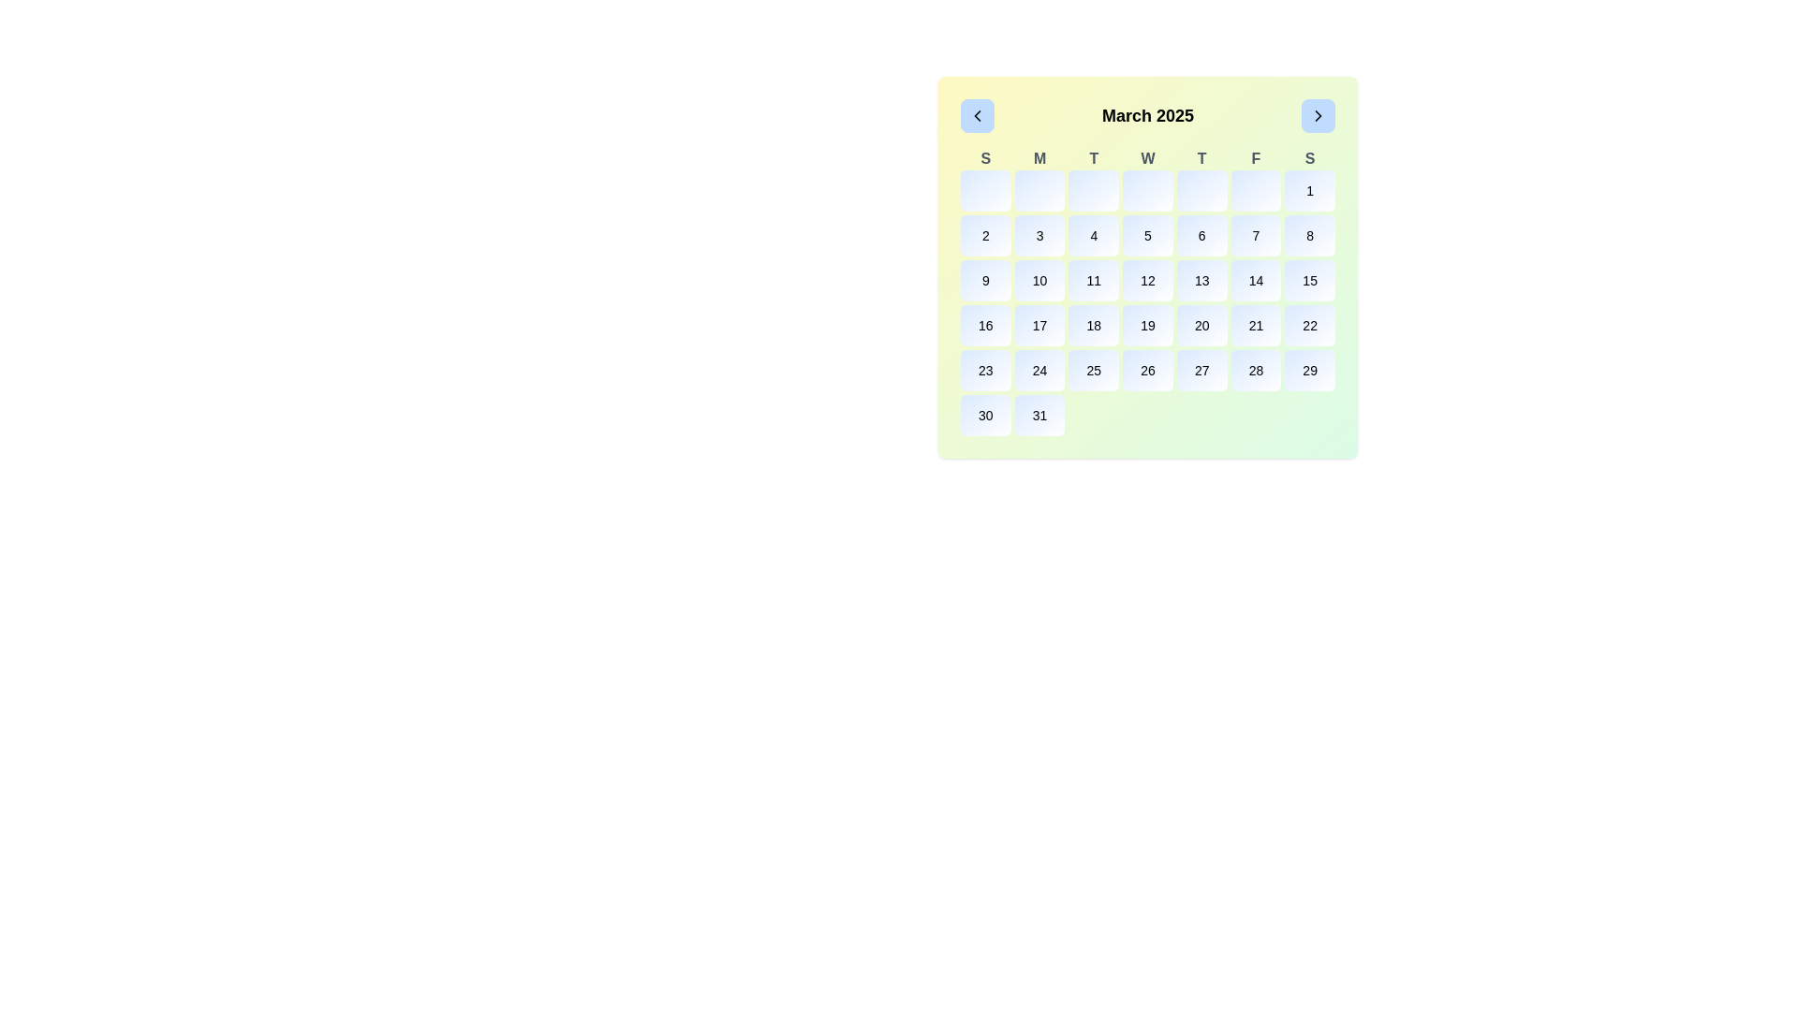 The width and height of the screenshot is (1798, 1011). Describe the element at coordinates (1201, 324) in the screenshot. I see `the button representing the 20th day of March 2025 in the calendar interface` at that location.